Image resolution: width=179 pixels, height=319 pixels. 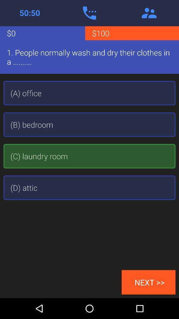 I want to click on friends, so click(x=149, y=13).